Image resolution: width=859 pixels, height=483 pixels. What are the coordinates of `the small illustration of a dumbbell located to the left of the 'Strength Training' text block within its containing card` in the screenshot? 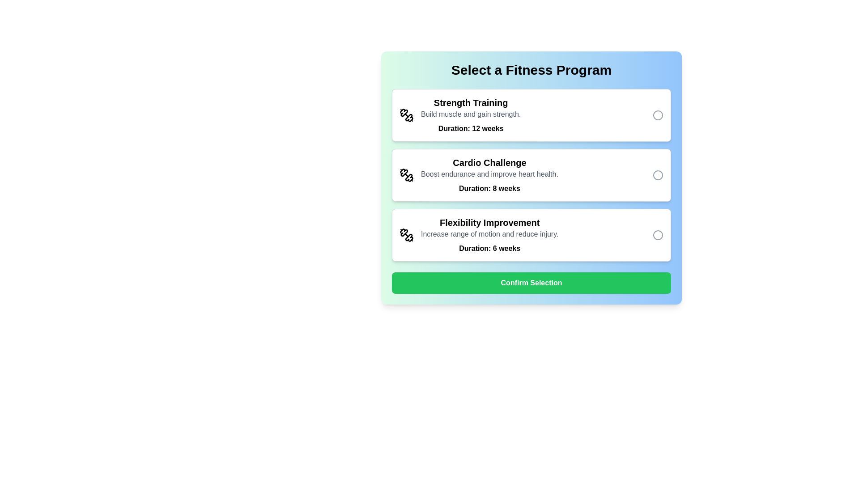 It's located at (406, 115).